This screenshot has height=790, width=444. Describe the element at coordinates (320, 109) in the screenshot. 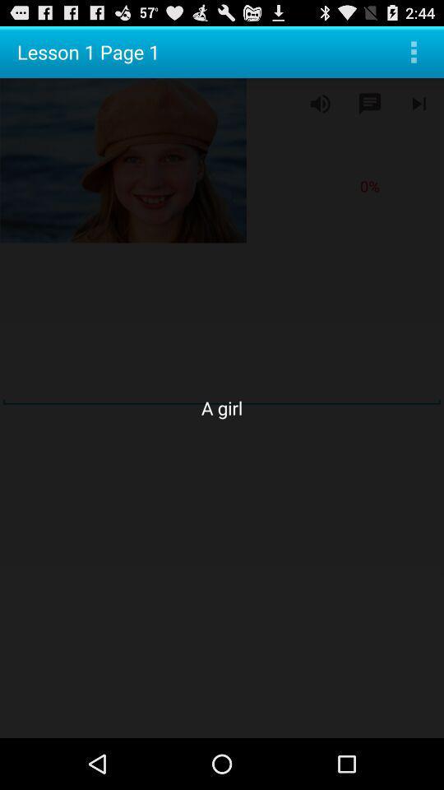

I see `the volume icon` at that location.